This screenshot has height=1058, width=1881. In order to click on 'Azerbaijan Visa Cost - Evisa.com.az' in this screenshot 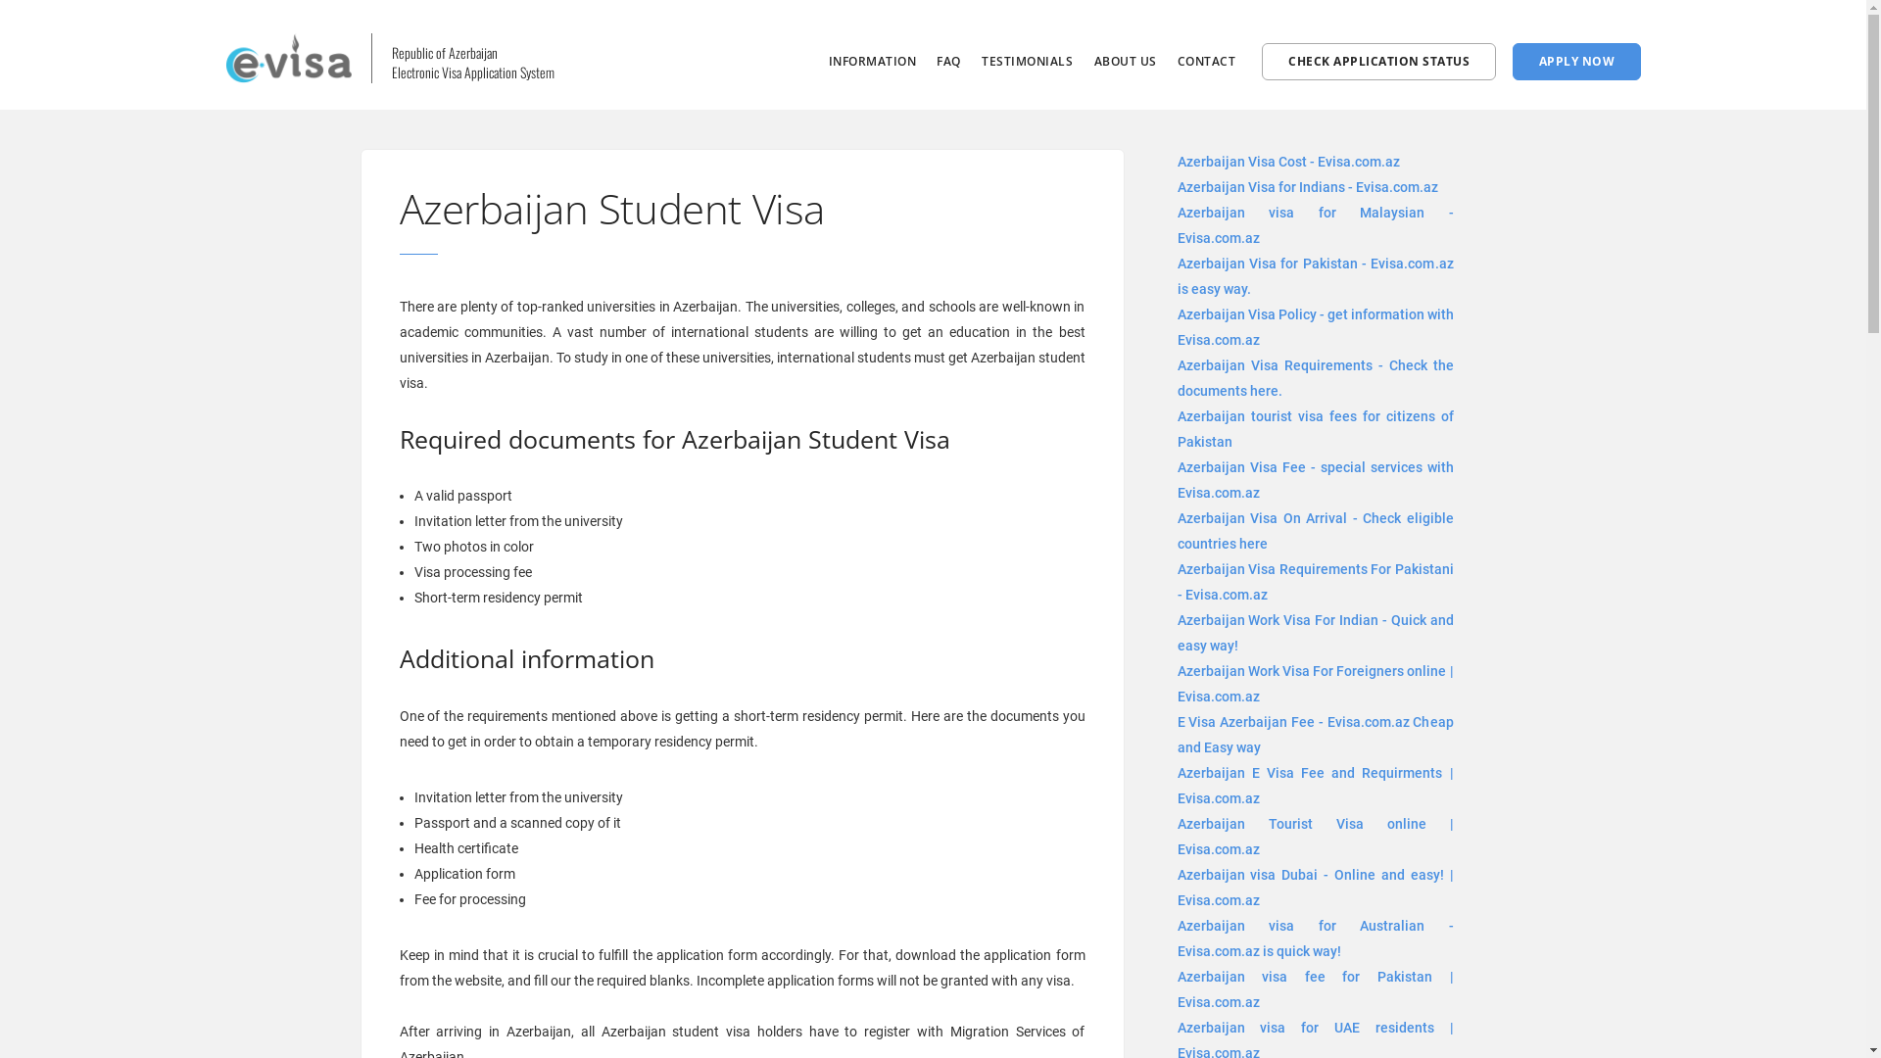, I will do `click(1288, 161)`.